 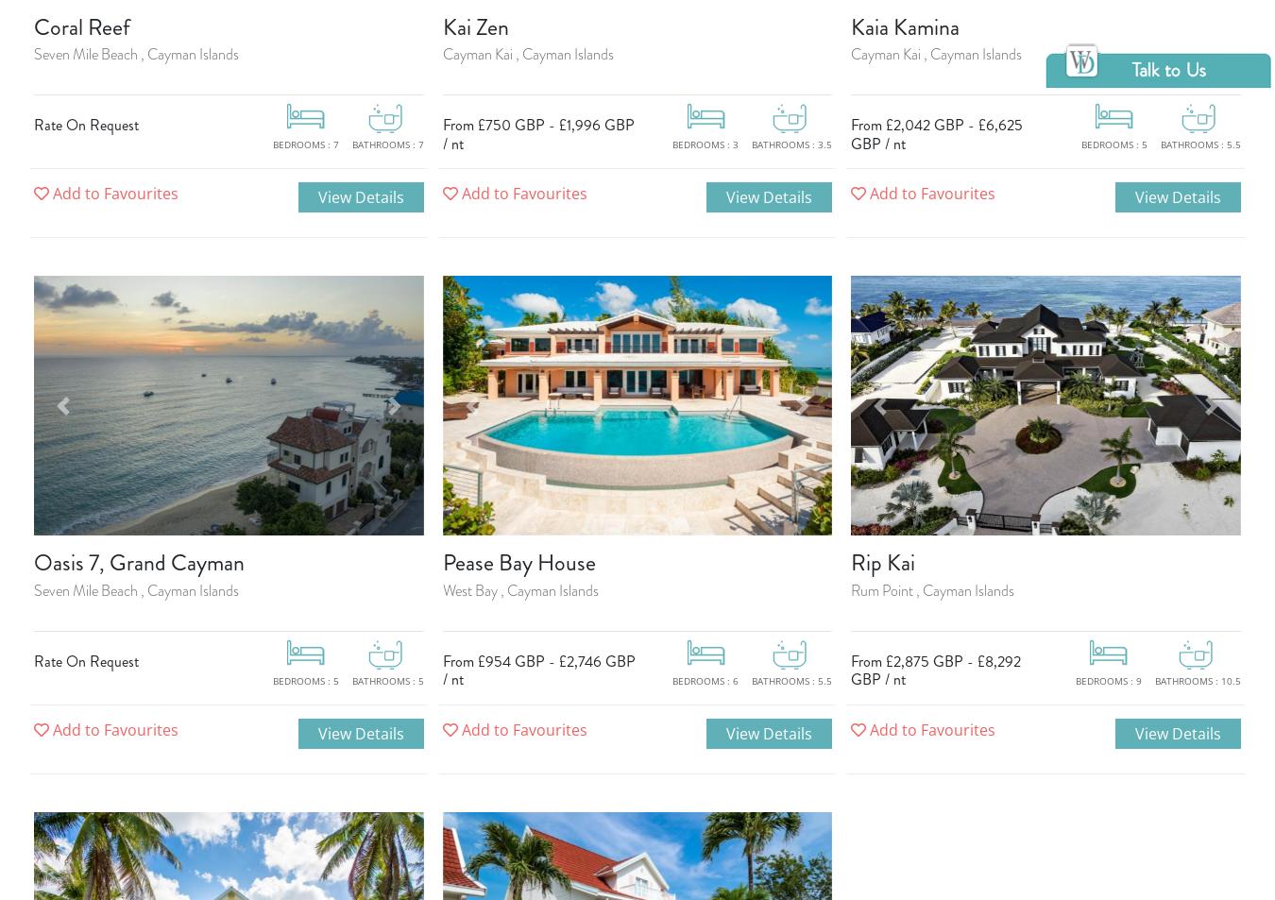 What do you see at coordinates (139, 563) in the screenshot?
I see `'Oasis 7, Grand Cayman'` at bounding box center [139, 563].